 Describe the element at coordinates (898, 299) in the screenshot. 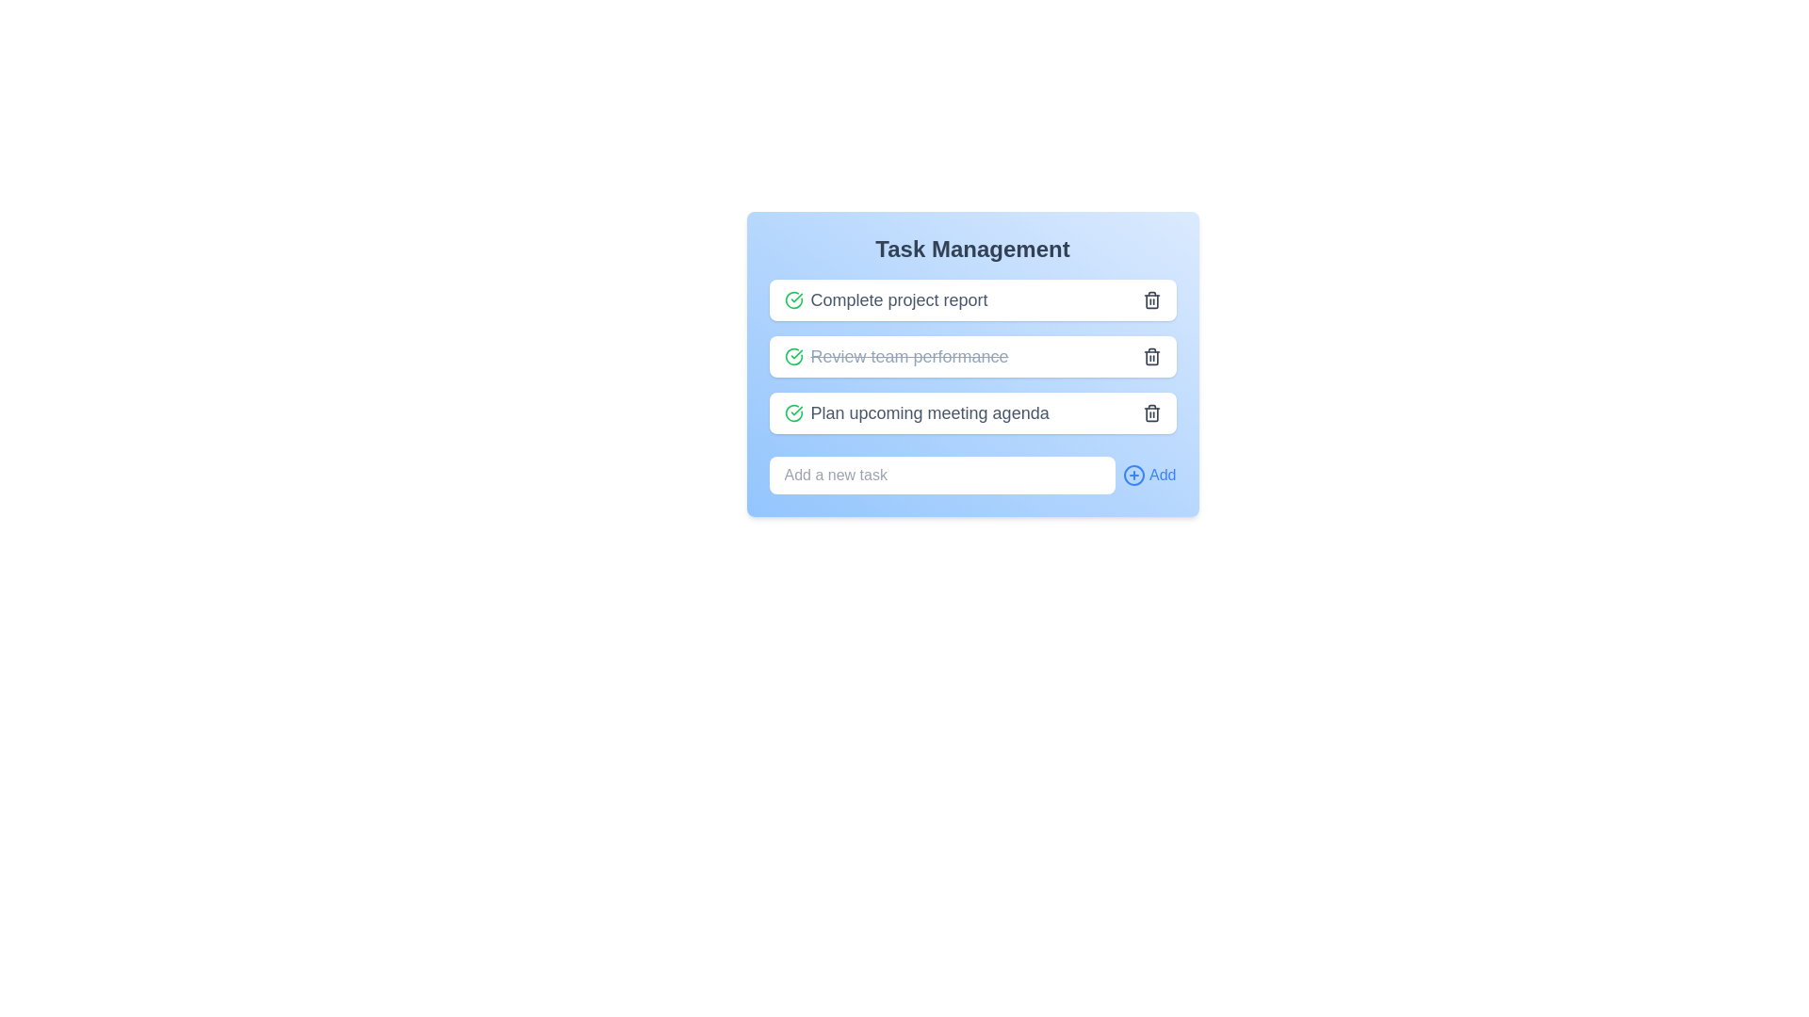

I see `the text label that displays the task description, located between a green checkmark icon and a trash bin icon in a vertical list` at that location.